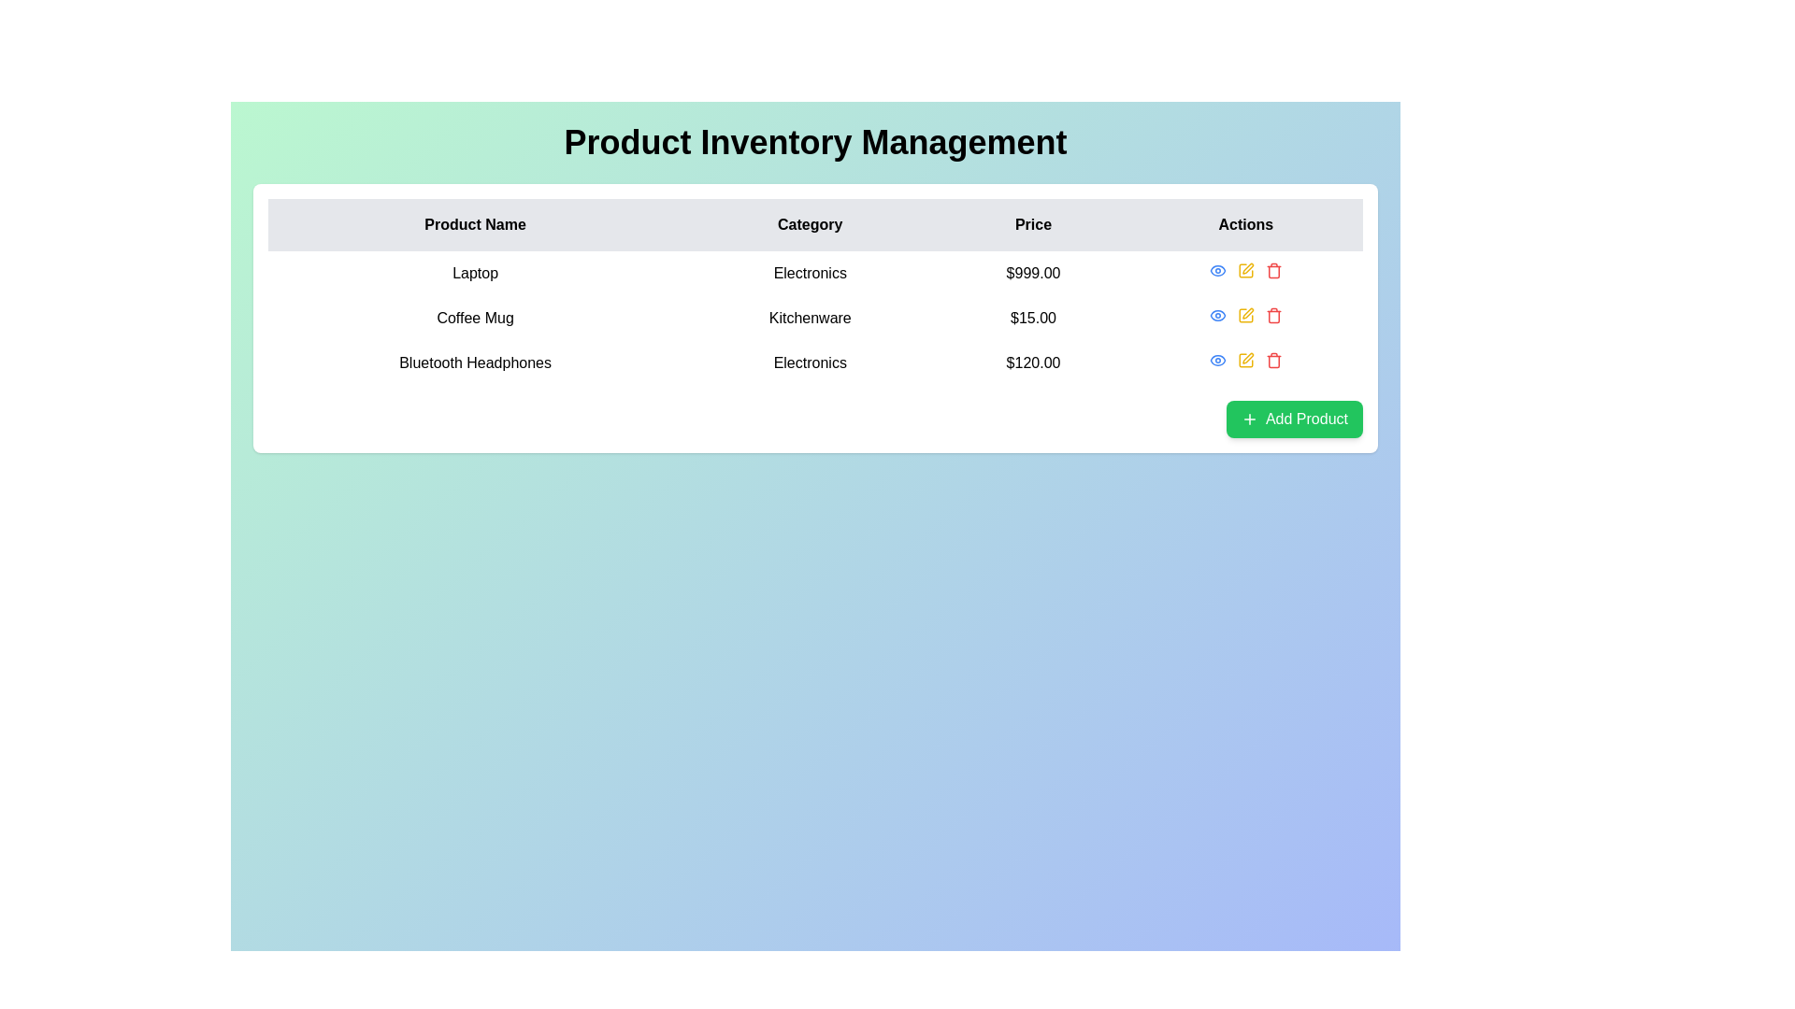 The width and height of the screenshot is (1795, 1009). What do you see at coordinates (1248, 312) in the screenshot?
I see `the 'Edit' icon in the 'Actions' column associated with the second row for the product 'Coffee Mug'` at bounding box center [1248, 312].